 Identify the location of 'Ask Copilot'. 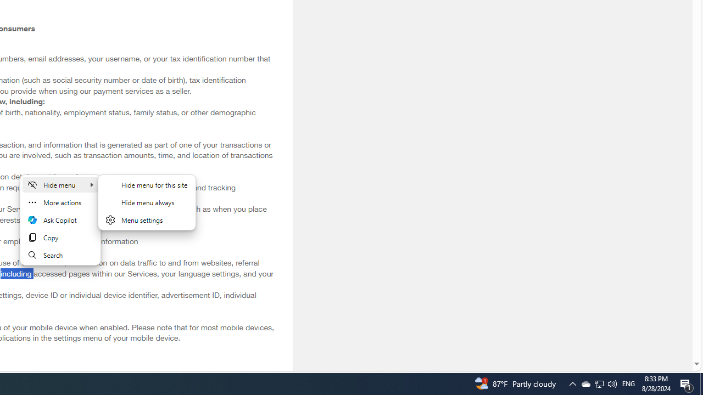
(60, 220).